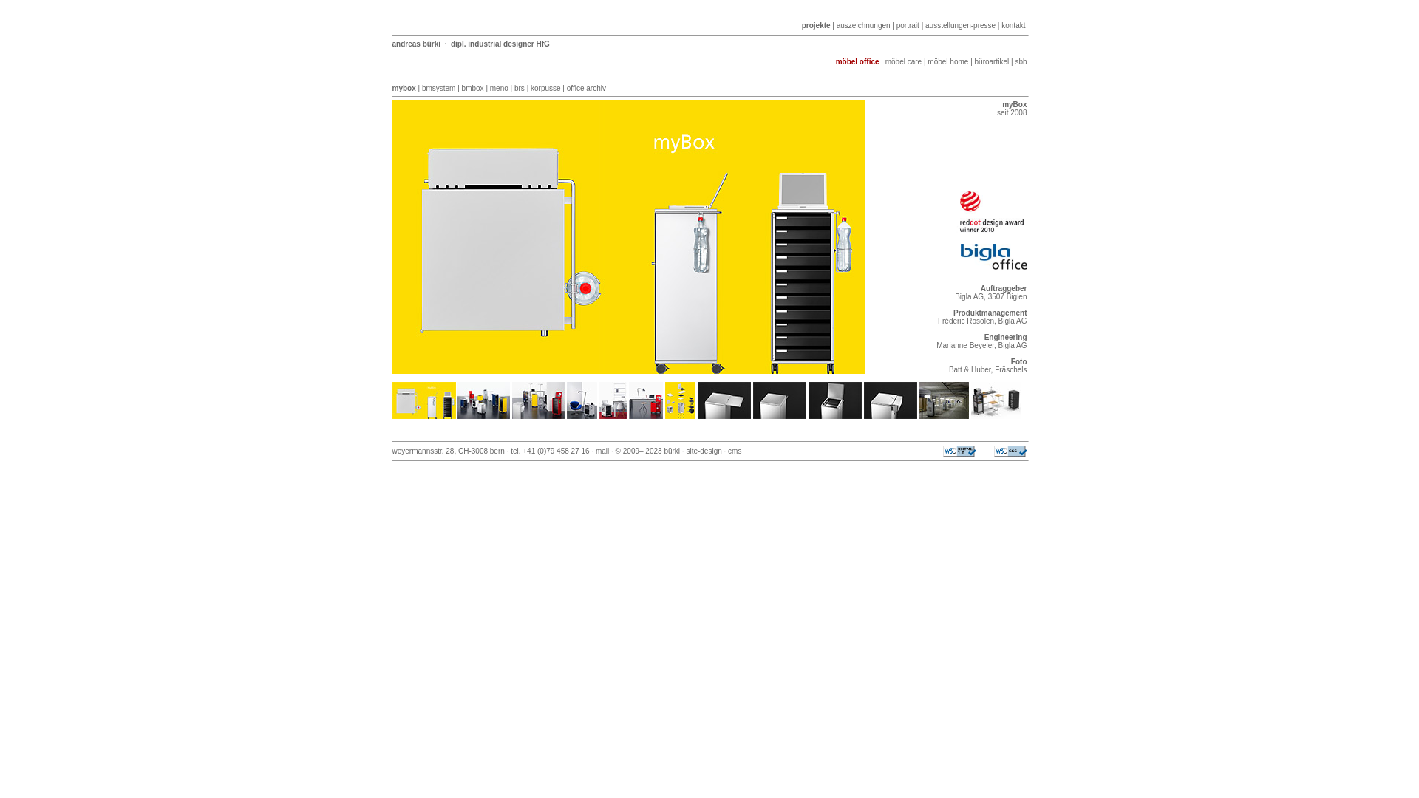  Describe the element at coordinates (499, 88) in the screenshot. I see `'meno'` at that location.